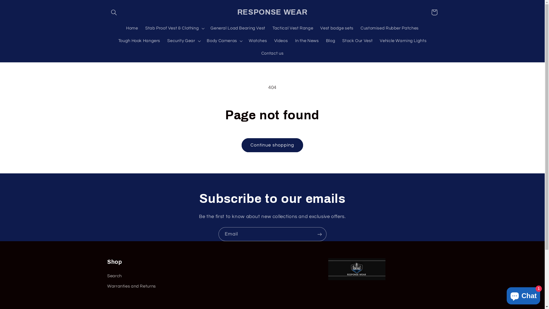 This screenshot has width=549, height=309. I want to click on 'Vehicle Warning Lights', so click(403, 40).